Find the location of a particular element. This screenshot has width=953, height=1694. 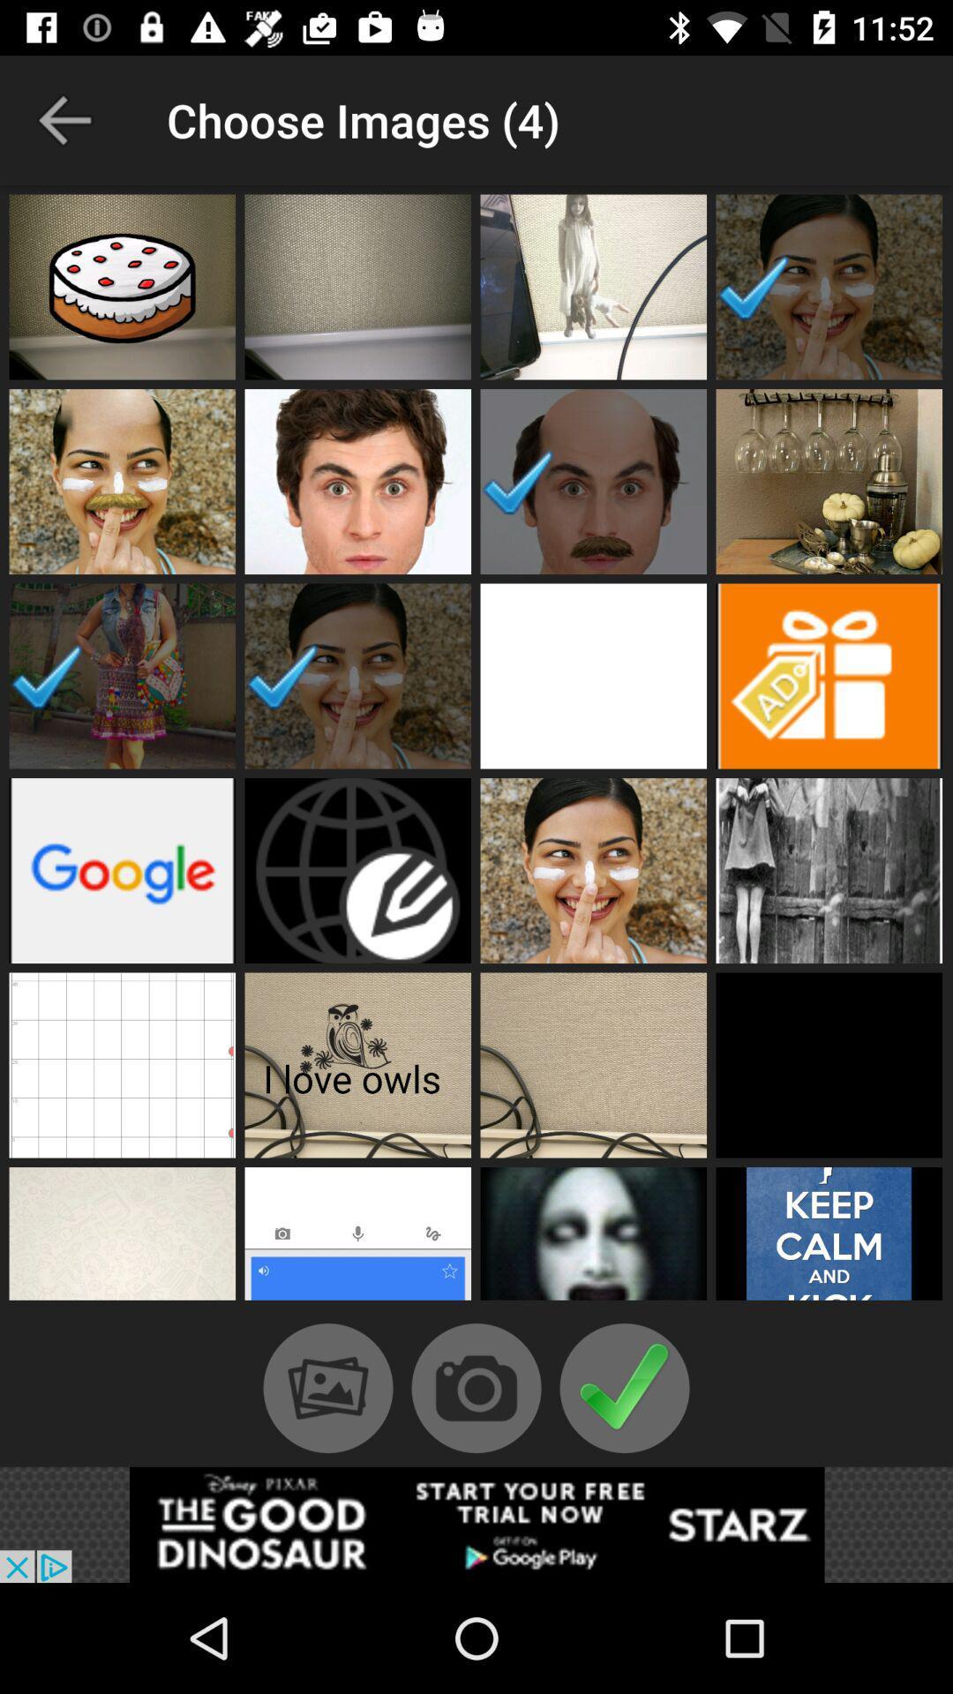

google image is located at coordinates (121, 871).